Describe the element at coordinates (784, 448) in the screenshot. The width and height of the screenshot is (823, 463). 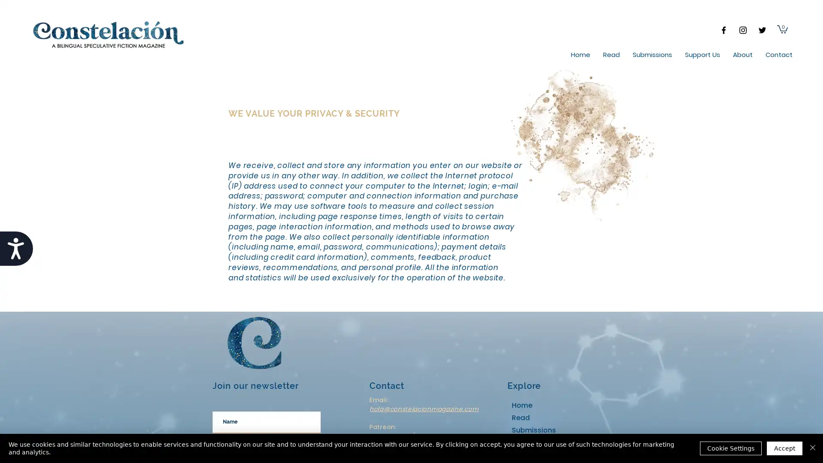
I see `Accept` at that location.